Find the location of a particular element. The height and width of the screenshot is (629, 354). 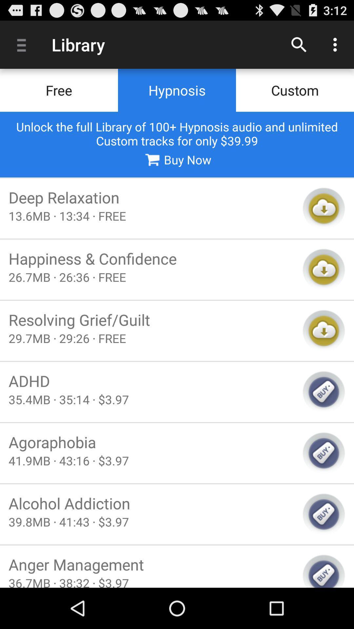

buy track is located at coordinates (324, 514).